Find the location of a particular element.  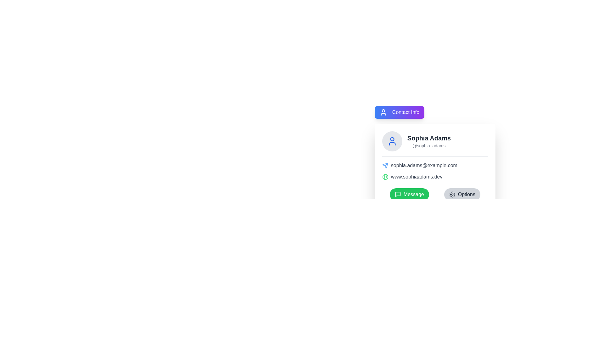

the messaging icon located to the immediate left of the blue text 'sophia.adams@example.com' is located at coordinates (385, 165).